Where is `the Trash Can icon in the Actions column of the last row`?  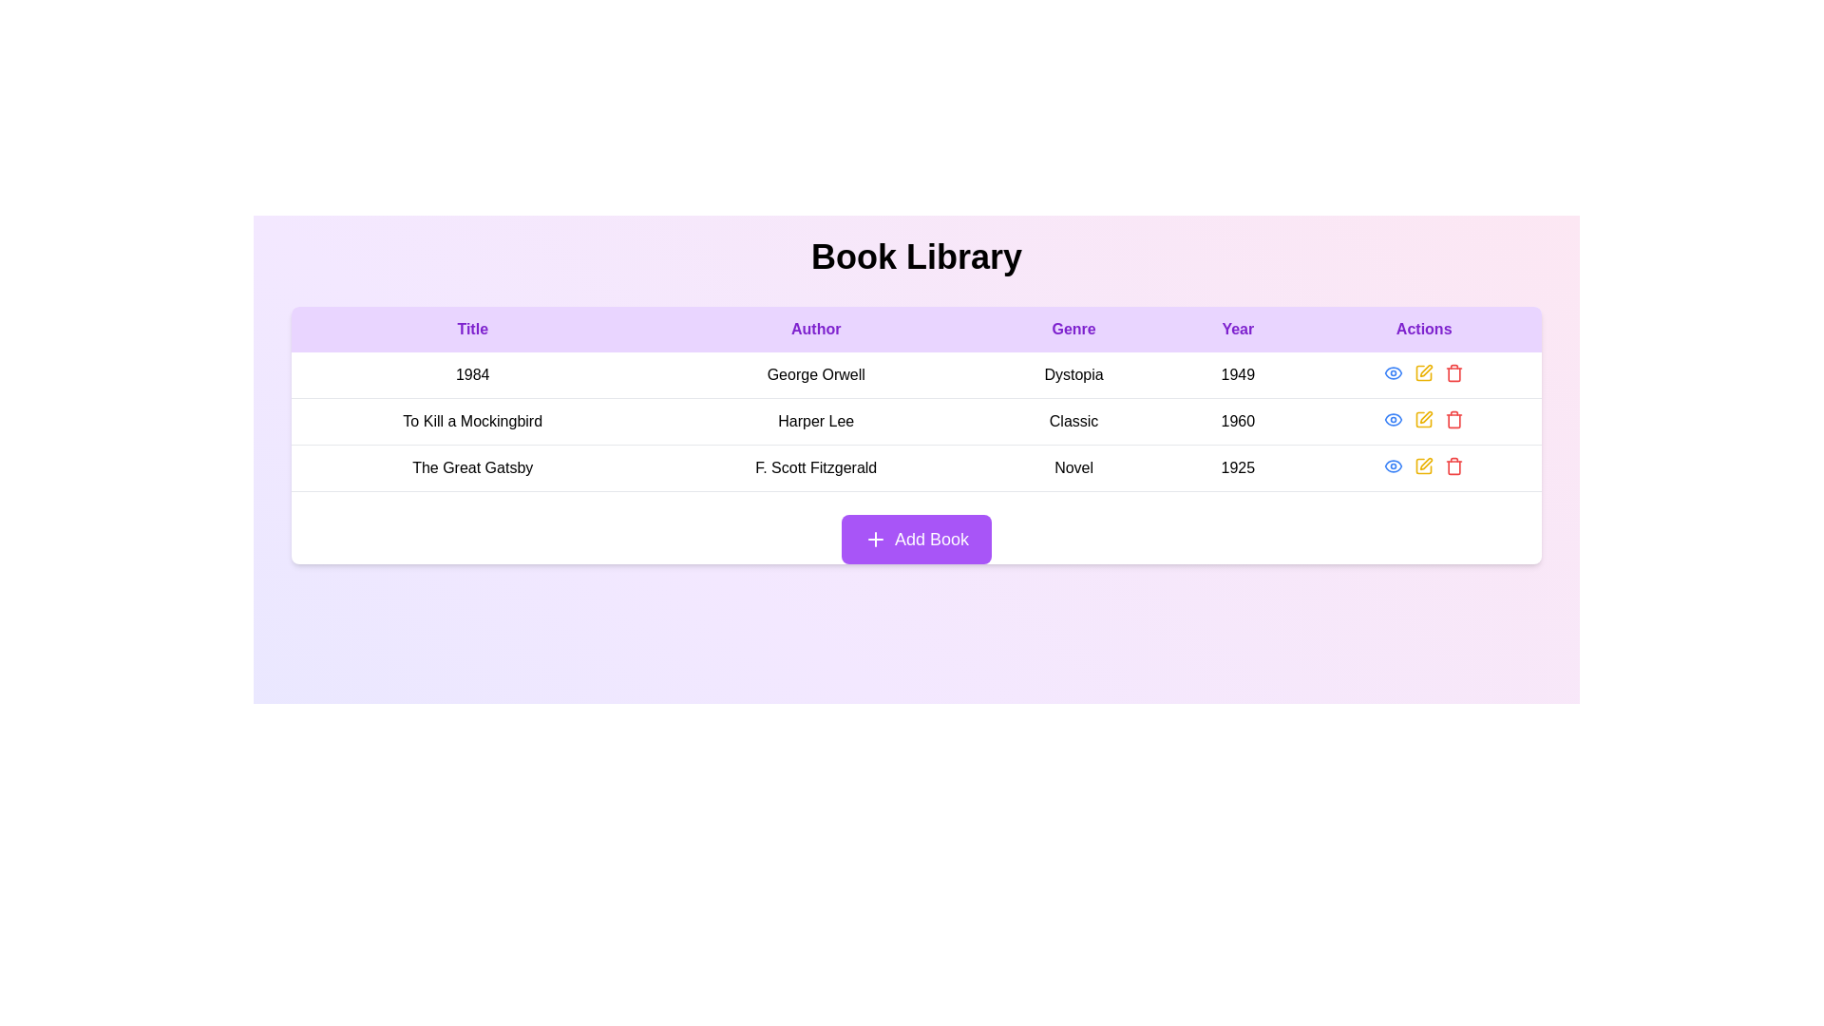
the Trash Can icon in the Actions column of the last row is located at coordinates (1453, 374).